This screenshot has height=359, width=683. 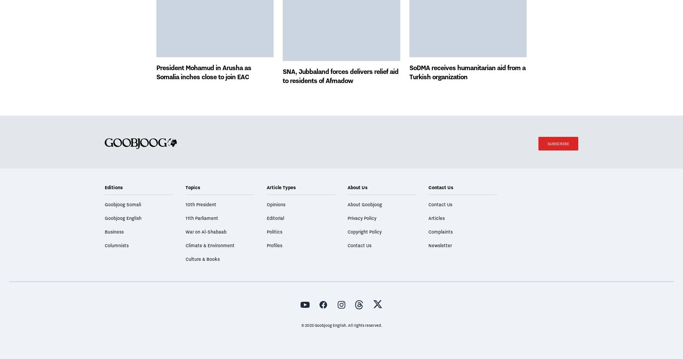 What do you see at coordinates (558, 165) in the screenshot?
I see `'Subscribe'` at bounding box center [558, 165].